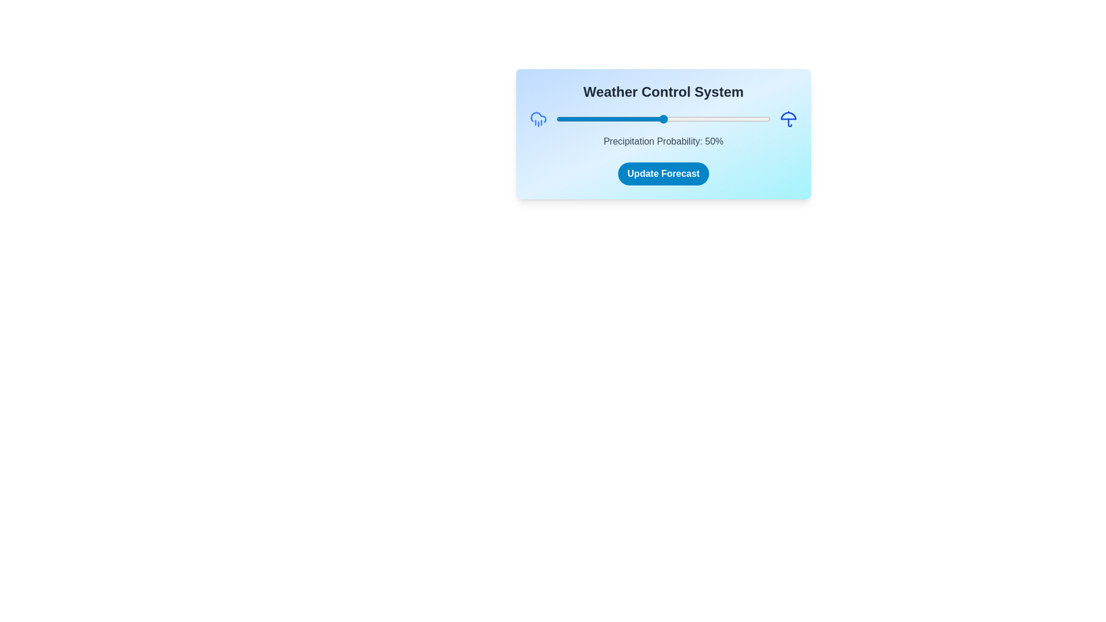 The image size is (1106, 622). Describe the element at coordinates (650, 119) in the screenshot. I see `the precipitation probability slider to 44%` at that location.